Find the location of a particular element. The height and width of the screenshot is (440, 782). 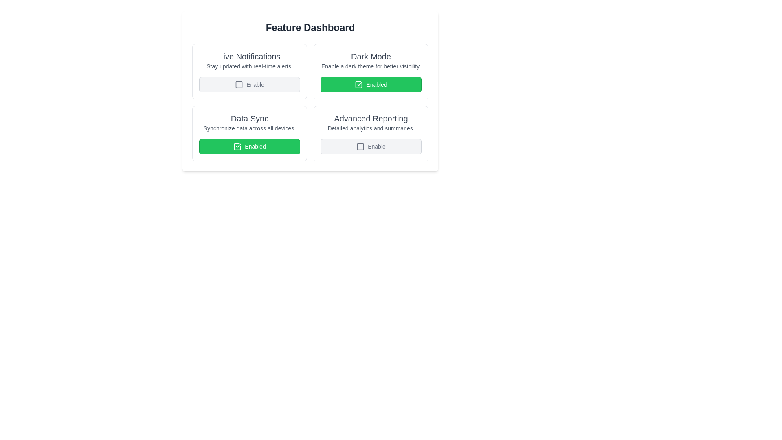

the Text Label that serves as a header for the section titled 'Live Notifications' which provides context about real-time alerts is located at coordinates (249, 56).